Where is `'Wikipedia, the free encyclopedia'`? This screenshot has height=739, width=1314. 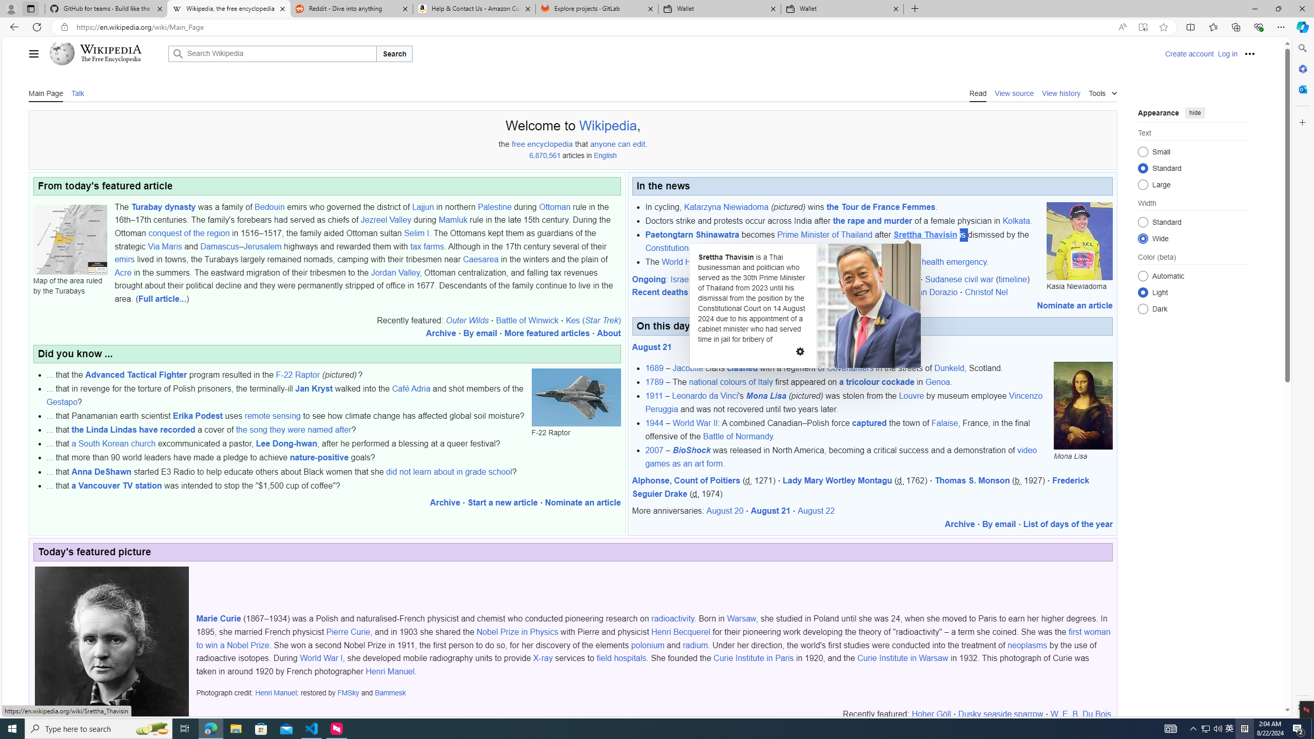
'Wikipedia, the free encyclopedia' is located at coordinates (228, 8).